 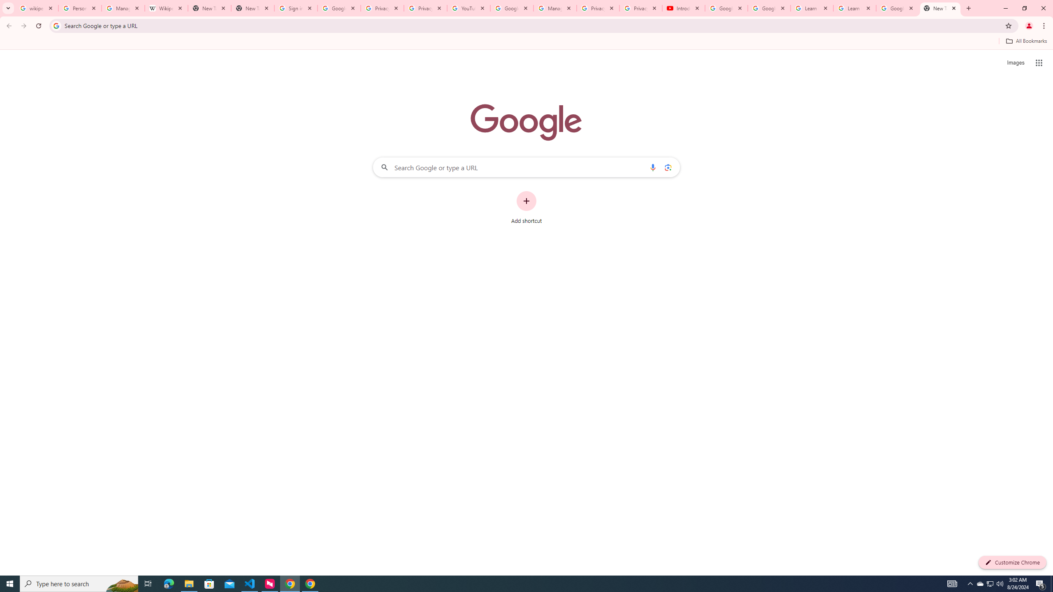 I want to click on 'Google Account Help', so click(x=726, y=8).